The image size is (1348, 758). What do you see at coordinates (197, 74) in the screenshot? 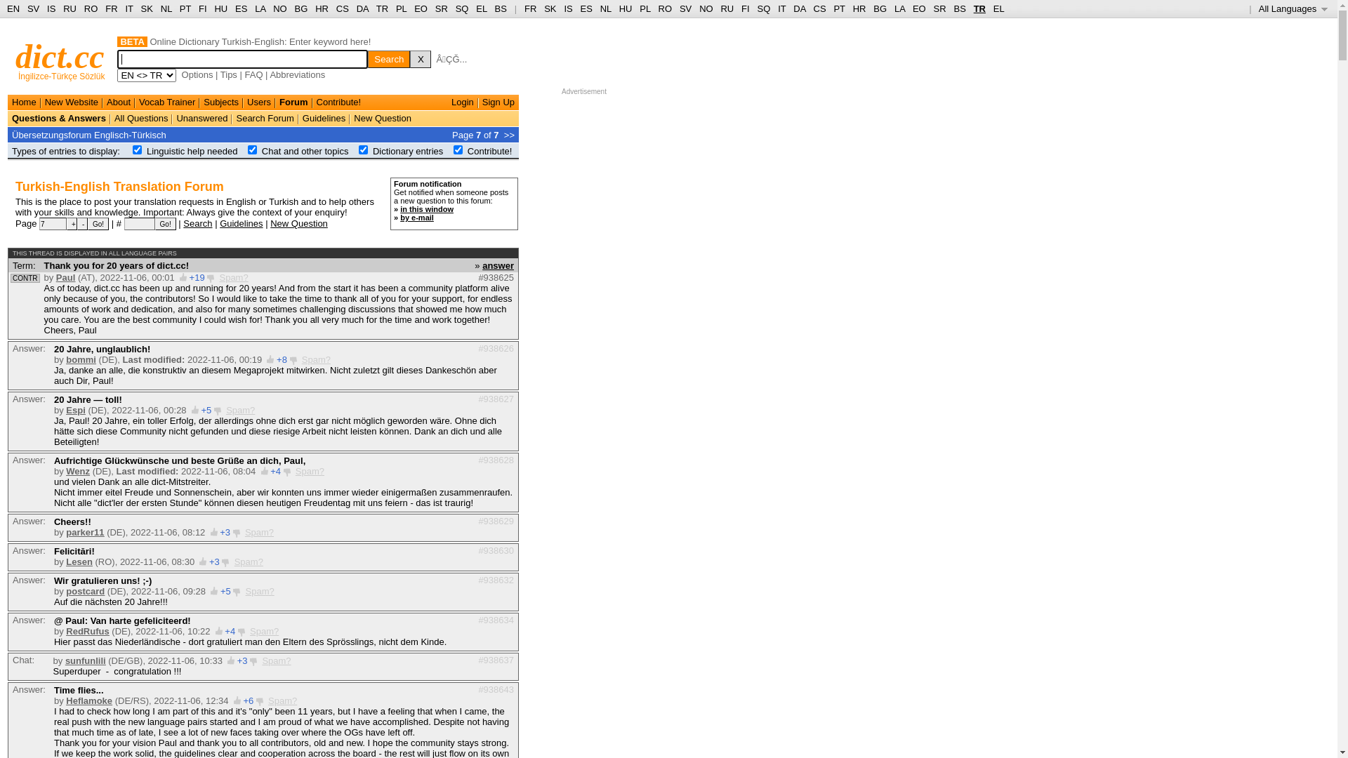
I see `'Options'` at bounding box center [197, 74].